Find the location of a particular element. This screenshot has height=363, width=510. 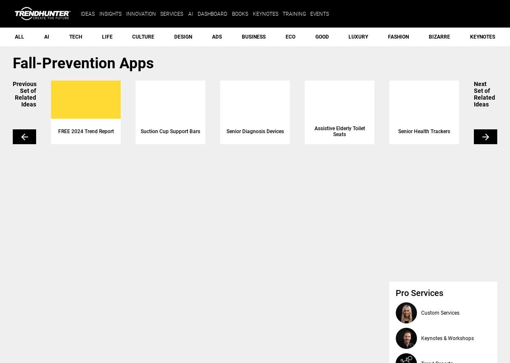

'Insights' is located at coordinates (99, 14).